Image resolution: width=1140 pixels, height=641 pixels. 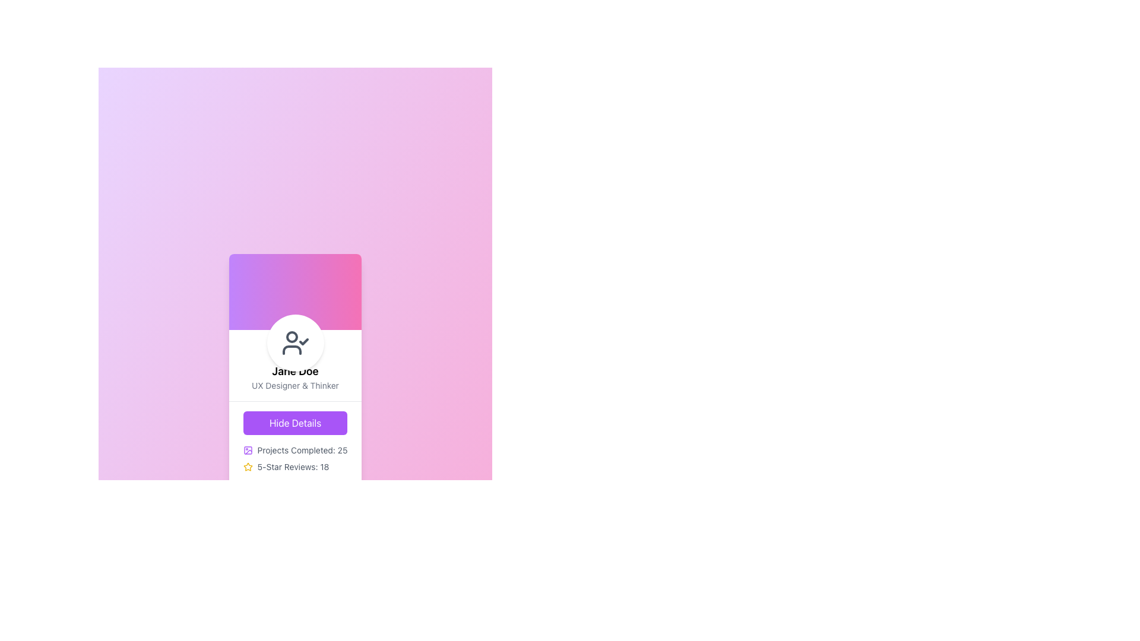 I want to click on the purple icon representing a photographic or media-related element, which is located to the left of the text 'Projects Completed: 25', so click(x=247, y=450).